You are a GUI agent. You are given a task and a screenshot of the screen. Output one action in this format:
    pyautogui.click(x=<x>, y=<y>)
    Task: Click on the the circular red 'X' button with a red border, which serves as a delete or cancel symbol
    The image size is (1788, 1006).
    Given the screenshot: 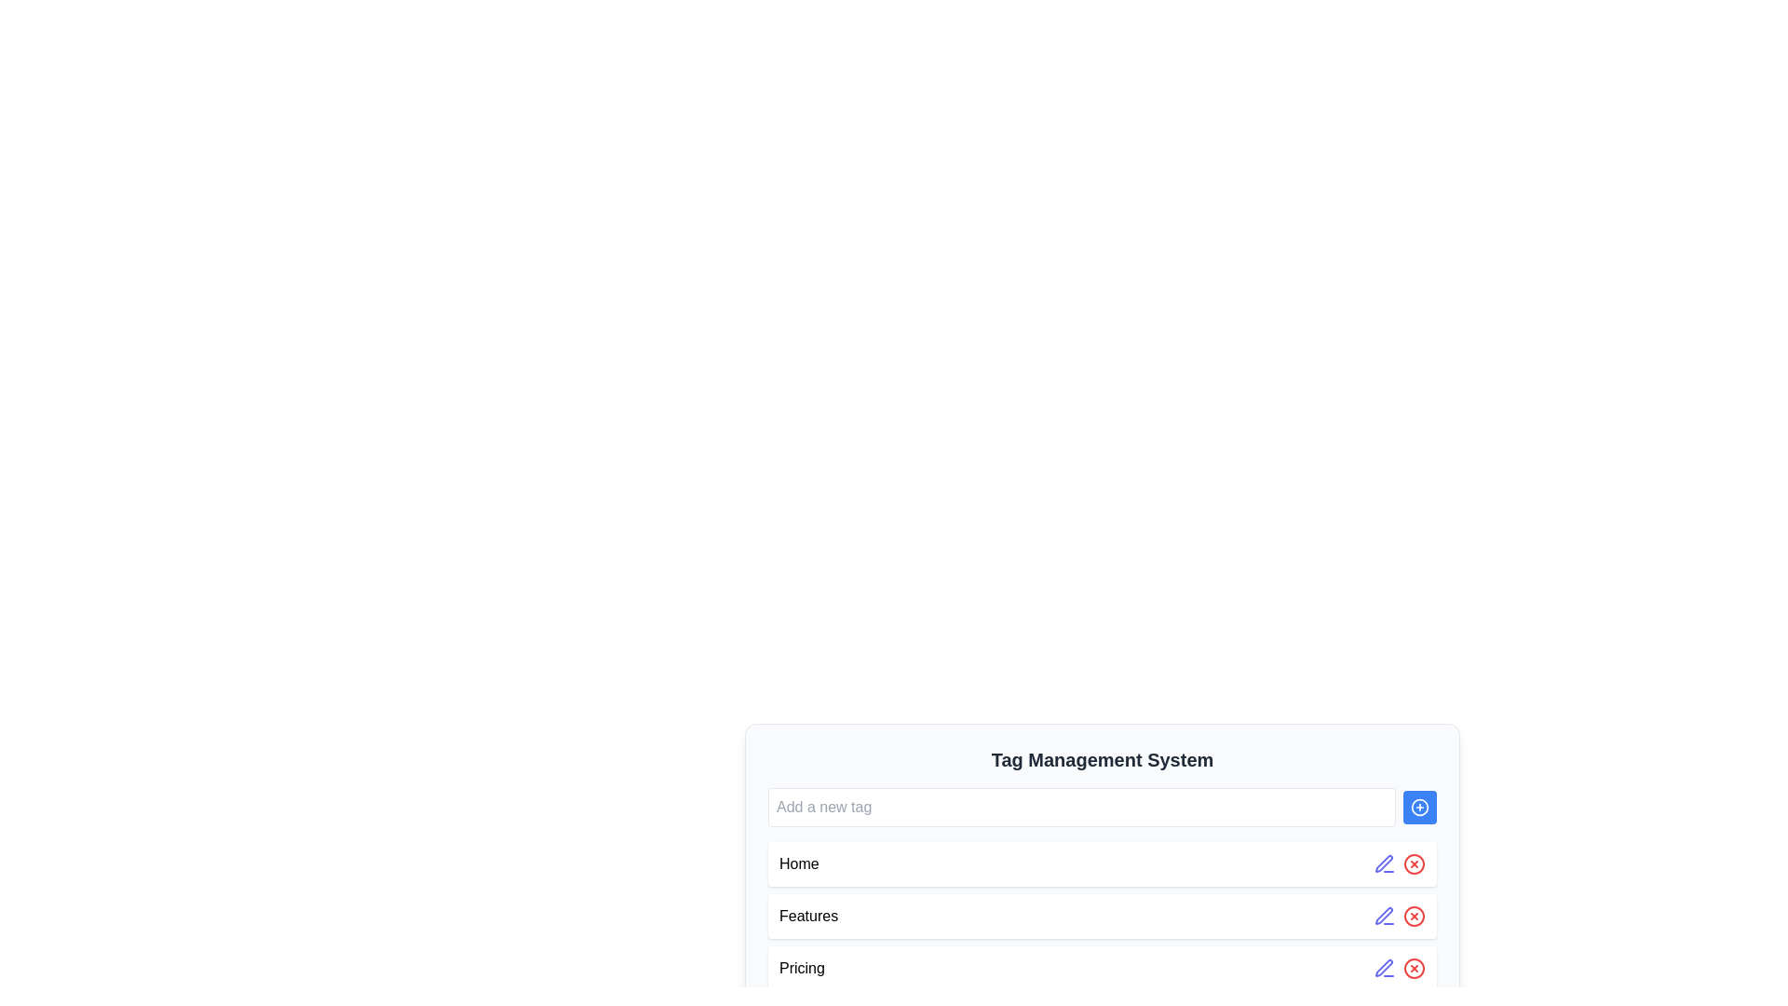 What is the action you would take?
    pyautogui.click(x=1414, y=968)
    